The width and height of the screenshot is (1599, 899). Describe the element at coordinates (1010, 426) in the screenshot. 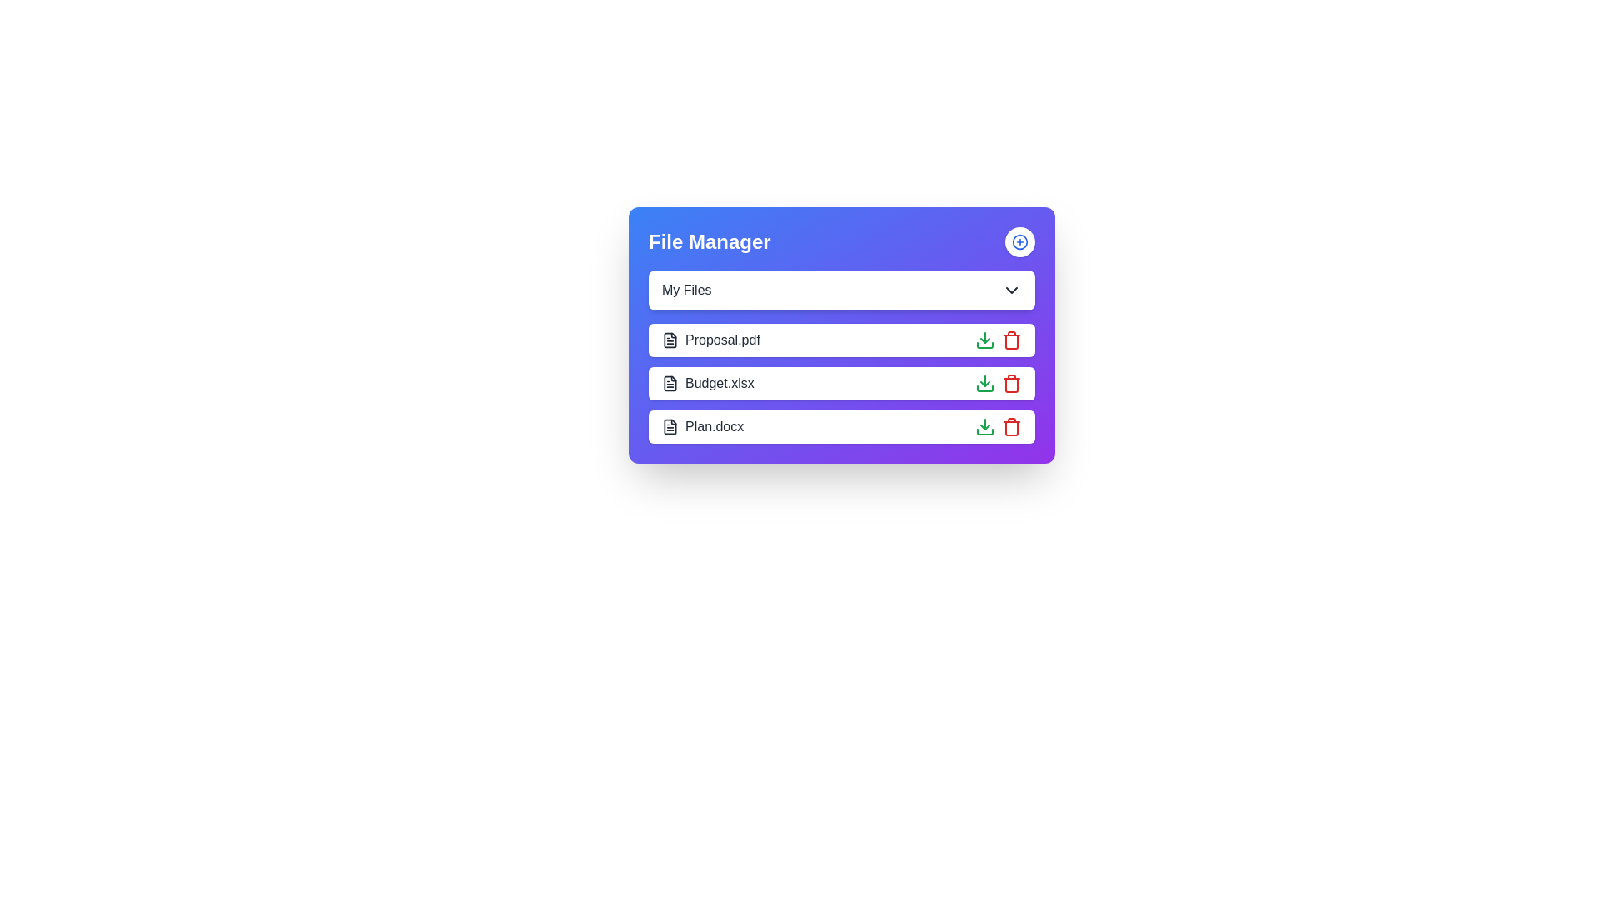

I see `the red trash bin icon button, which represents a delete function for the 'Plan.docx' file` at that location.